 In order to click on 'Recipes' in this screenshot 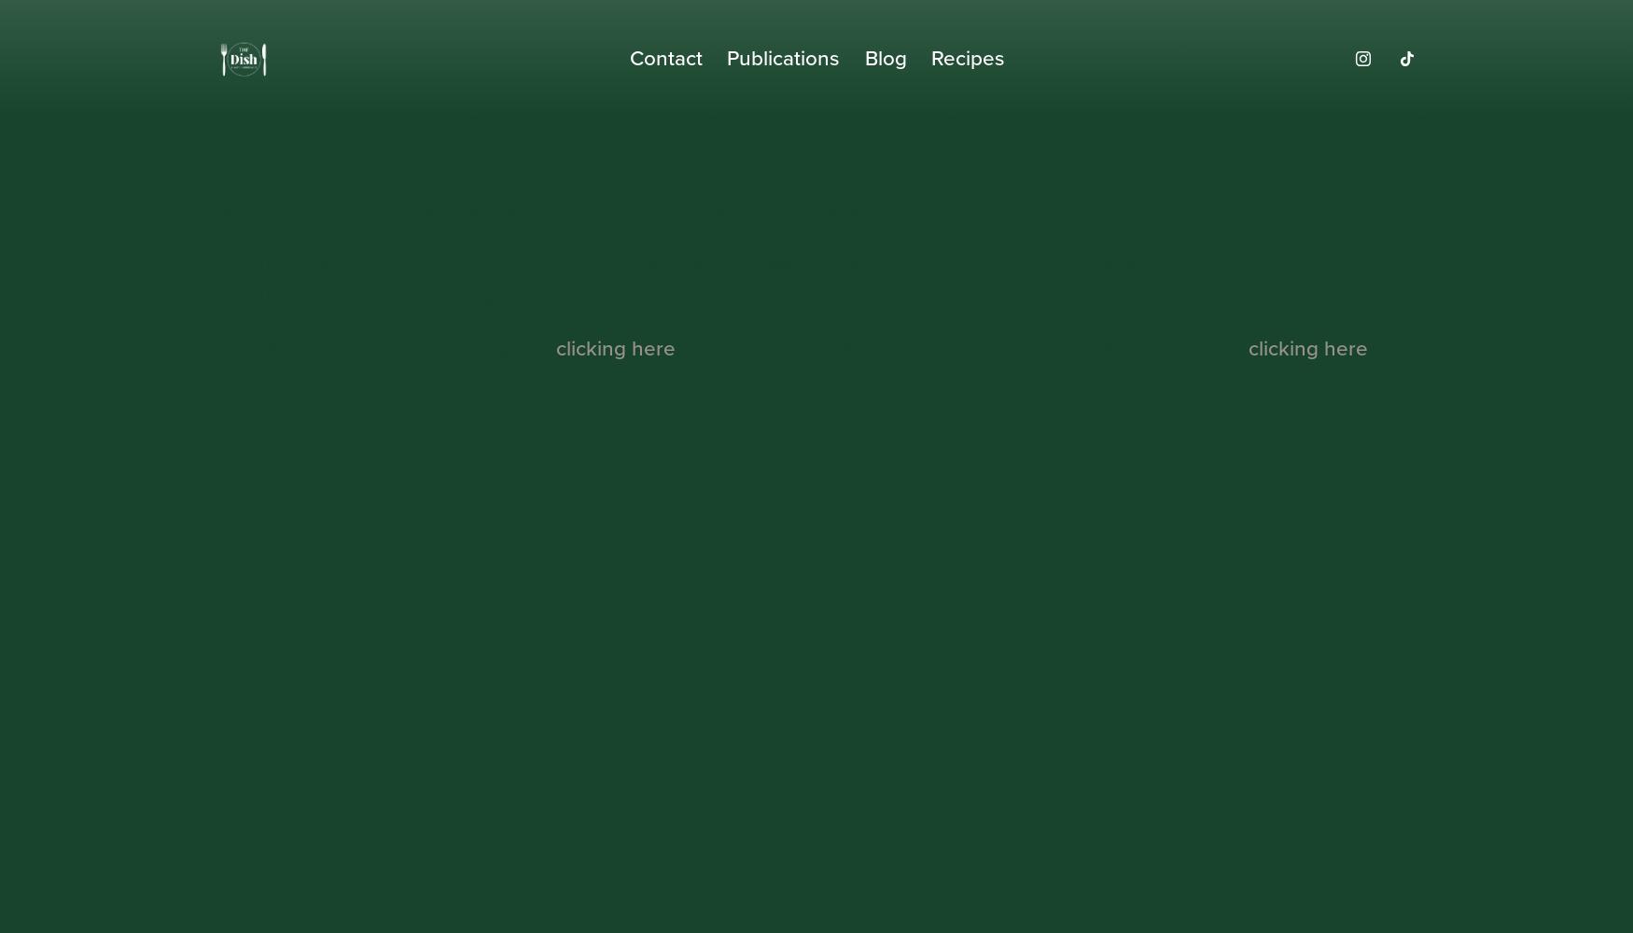, I will do `click(966, 58)`.